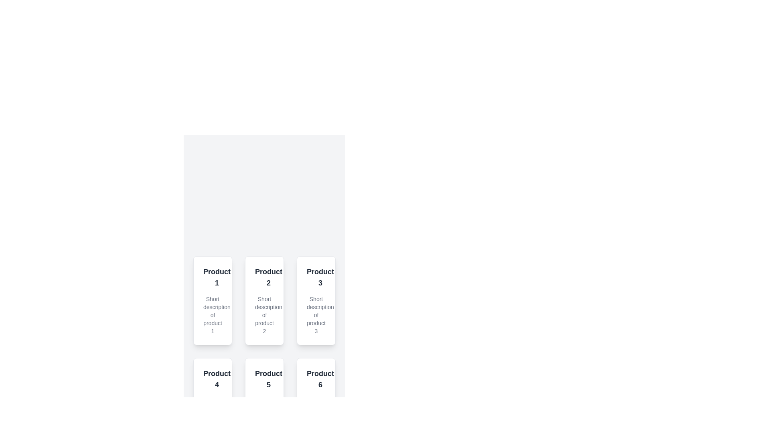 The width and height of the screenshot is (770, 433). What do you see at coordinates (316, 300) in the screenshot?
I see `the 'Product 3' card, which provides information about the product and is located in the top row of the product listing interface, third column, directly to the right of 'Product 2'` at bounding box center [316, 300].